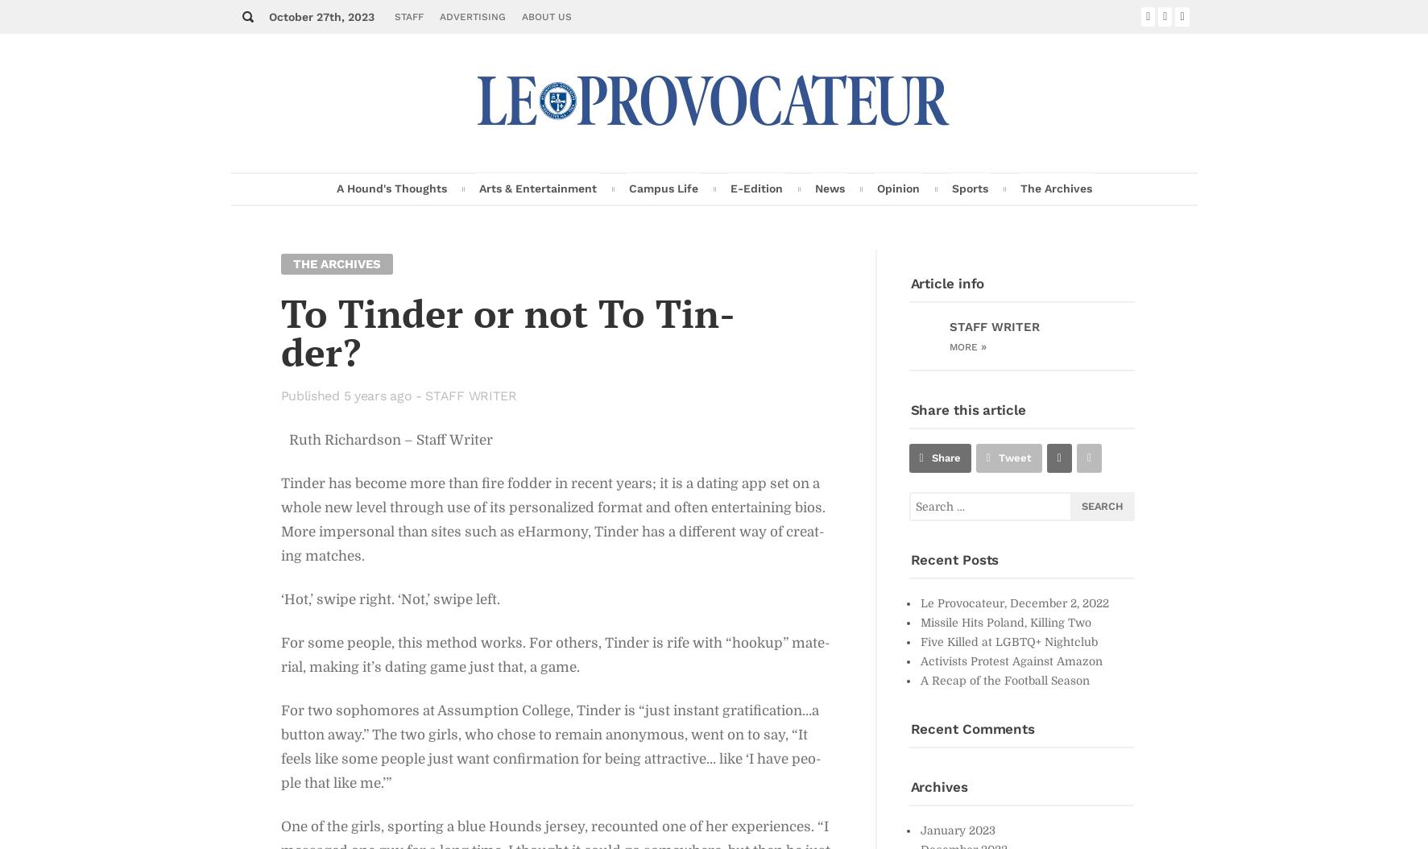 This screenshot has height=849, width=1428. What do you see at coordinates (1009, 660) in the screenshot?
I see `'Ac­tivists Protest Against Ama­zon'` at bounding box center [1009, 660].